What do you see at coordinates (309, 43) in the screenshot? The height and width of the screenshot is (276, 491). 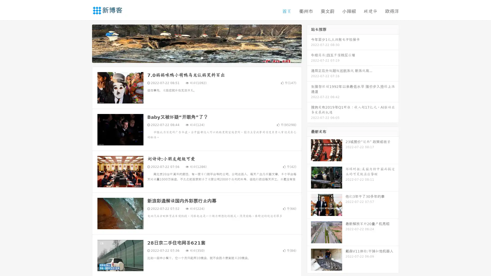 I see `Next slide` at bounding box center [309, 43].